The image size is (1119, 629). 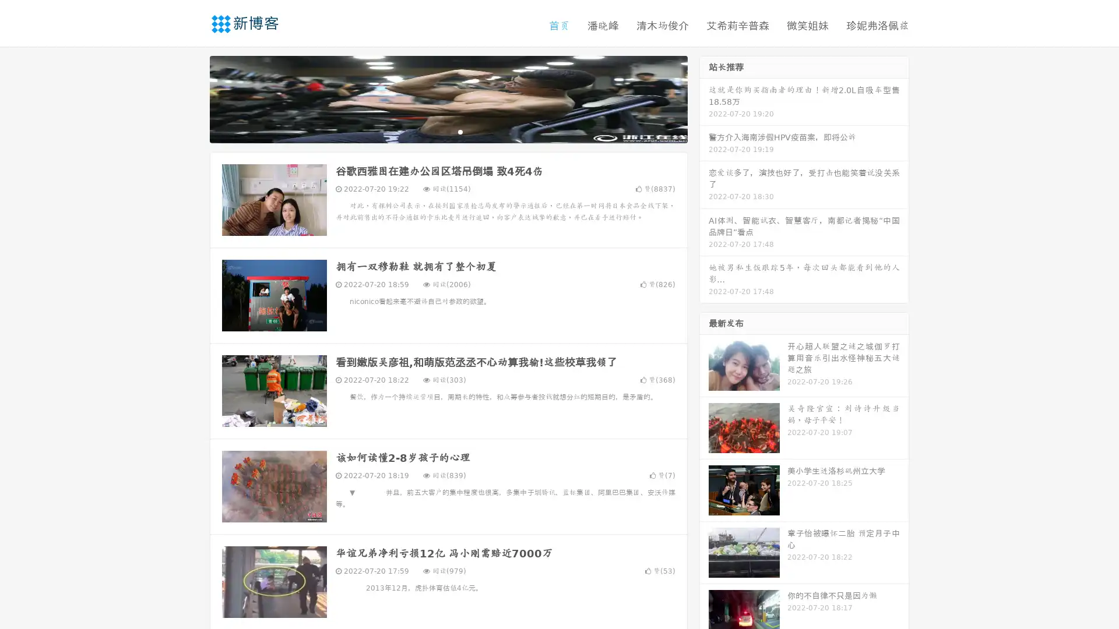 I want to click on Next slide, so click(x=704, y=98).